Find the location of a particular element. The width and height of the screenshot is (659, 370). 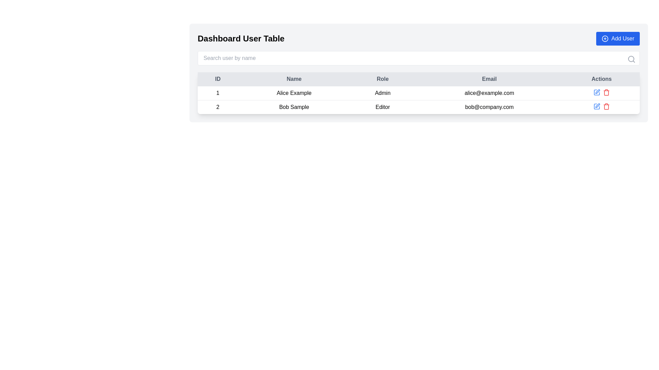

the first row in the user information table displaying data for 'Alice Example' is located at coordinates (418, 93).